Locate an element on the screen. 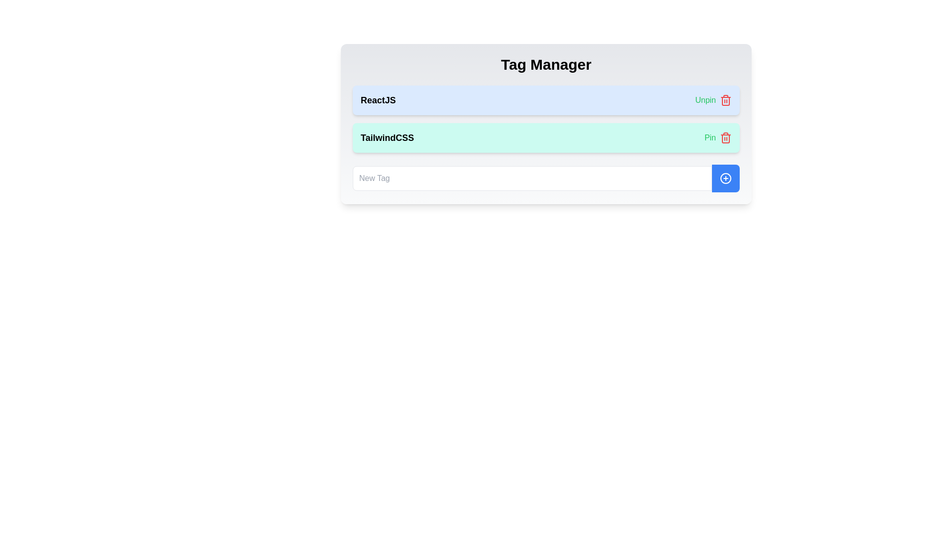  the green-colored 'Unpin' text located in the top row of the list of entries for 'ReactJS' is located at coordinates (713, 100).